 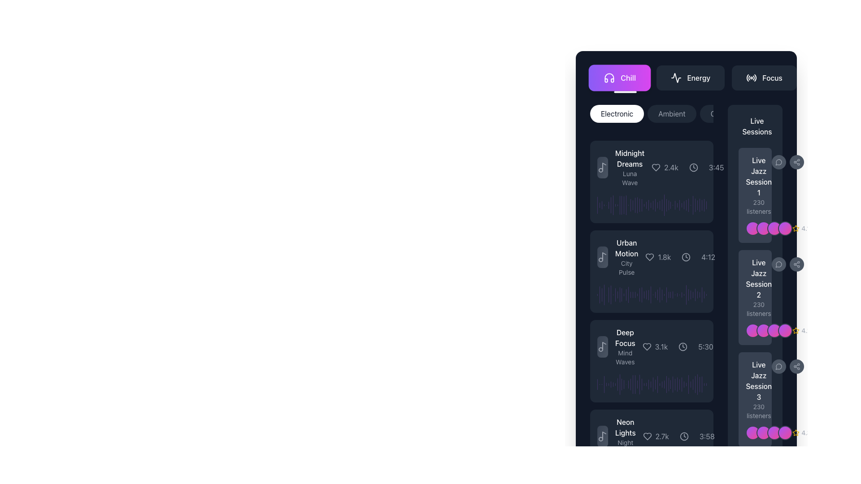 What do you see at coordinates (690, 384) in the screenshot?
I see `the 39th vertical bar indicator, which is purple with rounded corners and semi-transparent, located to the right of the sound visualization and time display in the audio track list` at bounding box center [690, 384].